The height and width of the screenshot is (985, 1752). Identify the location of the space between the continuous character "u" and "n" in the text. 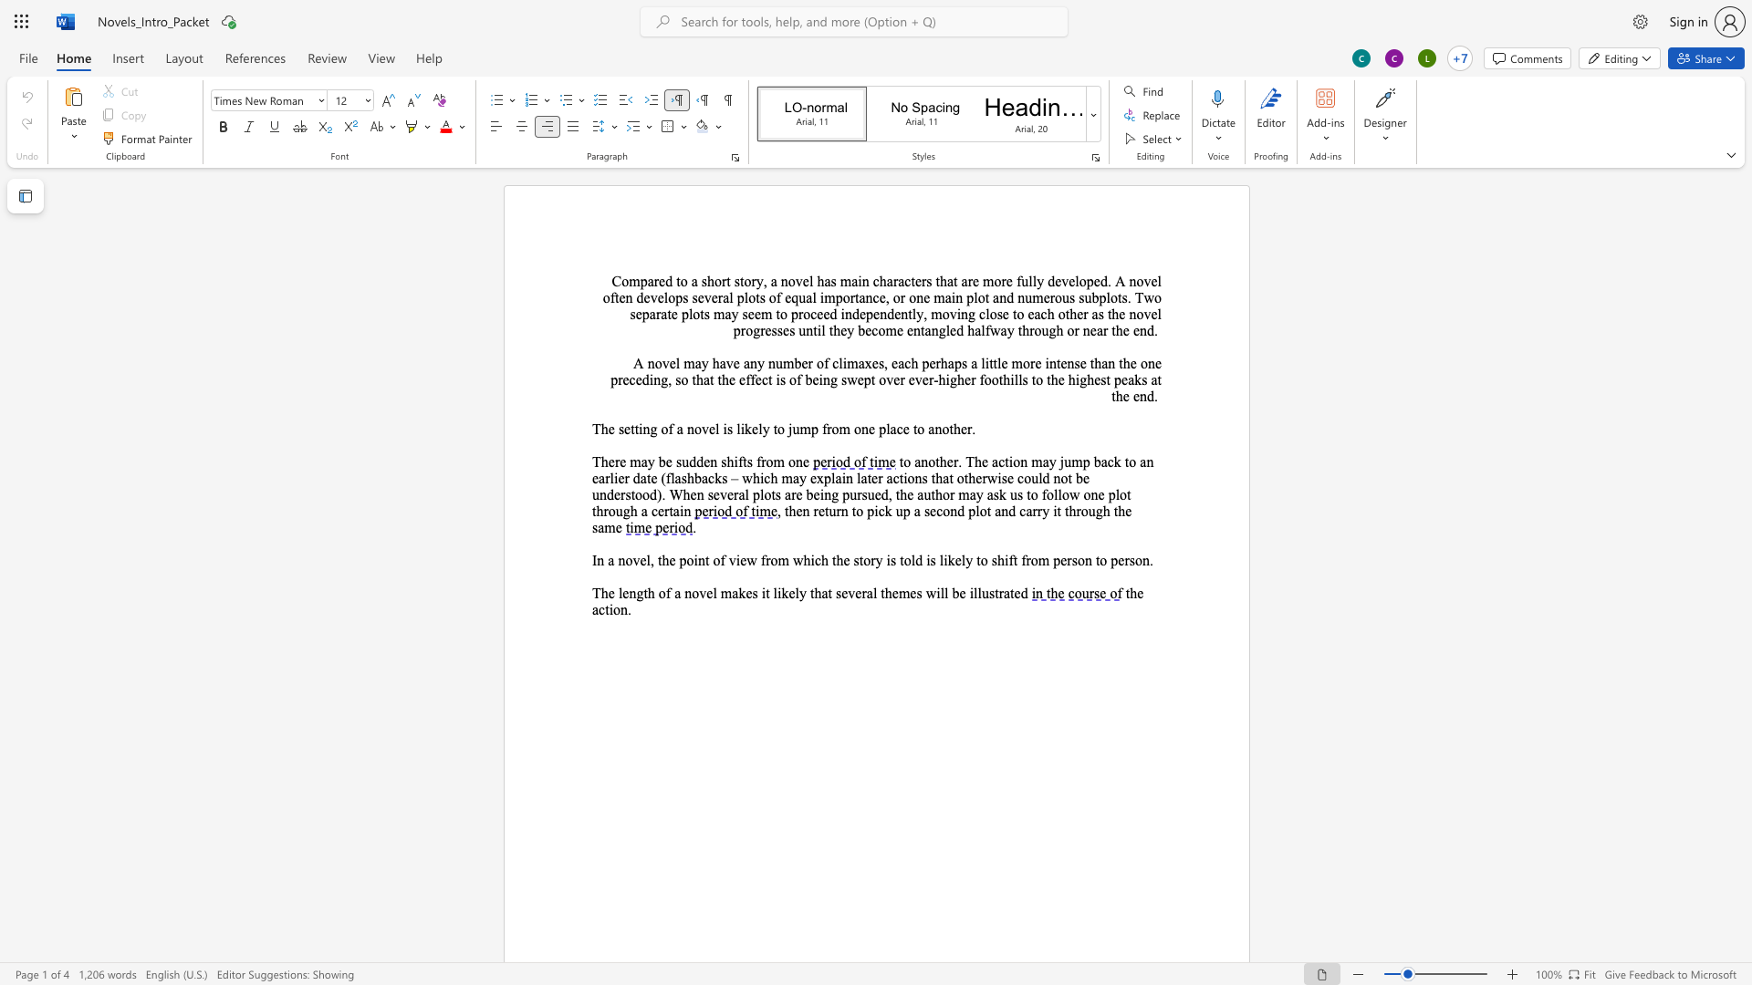
(600, 494).